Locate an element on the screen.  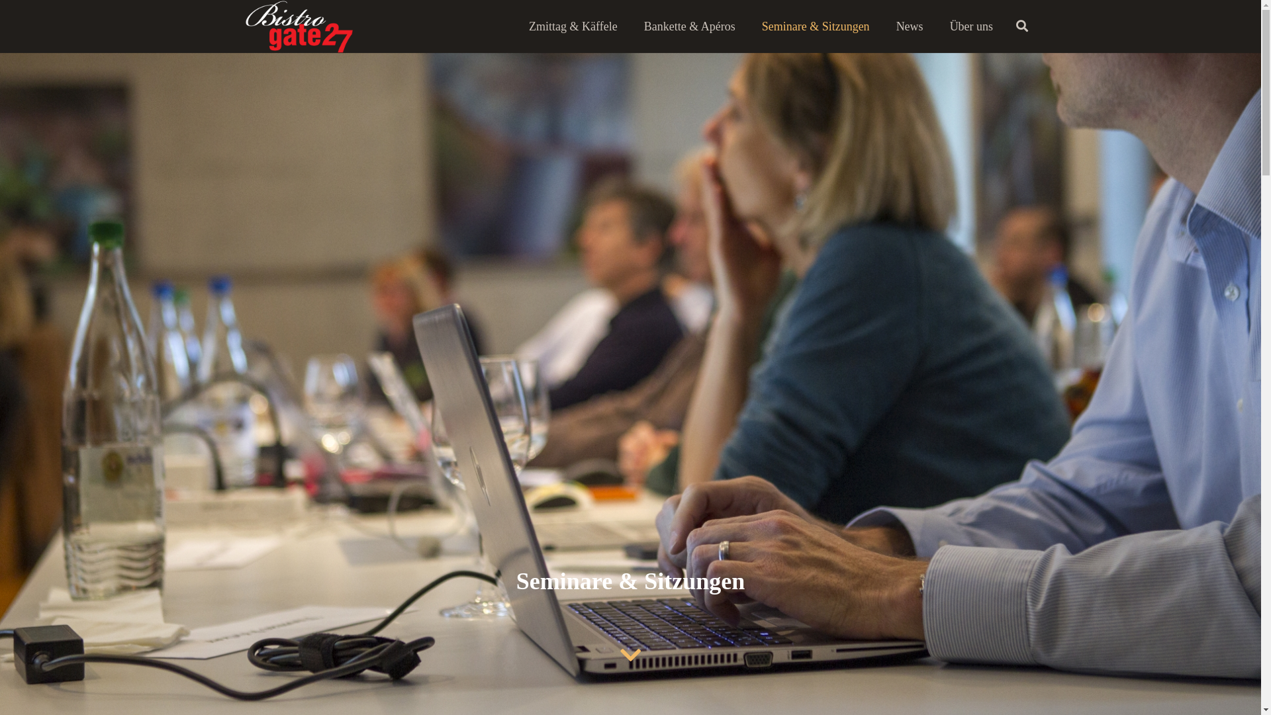
'News' is located at coordinates (883, 26).